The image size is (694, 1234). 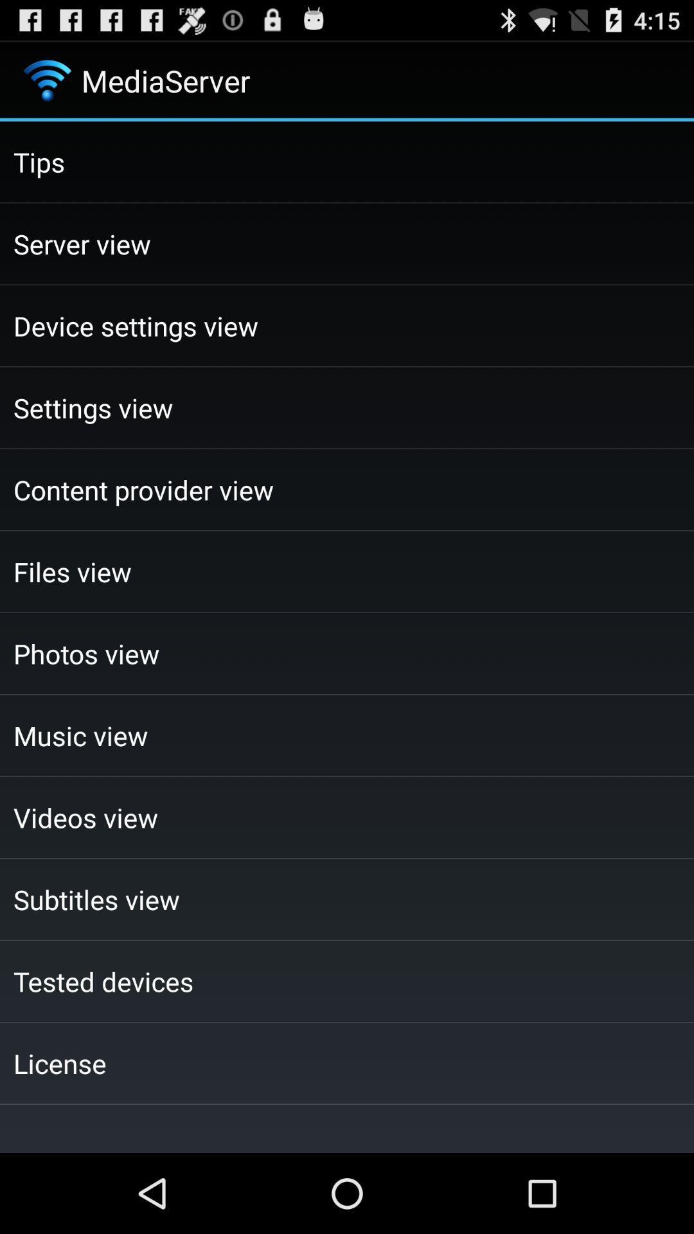 I want to click on the content provider view, so click(x=347, y=489).